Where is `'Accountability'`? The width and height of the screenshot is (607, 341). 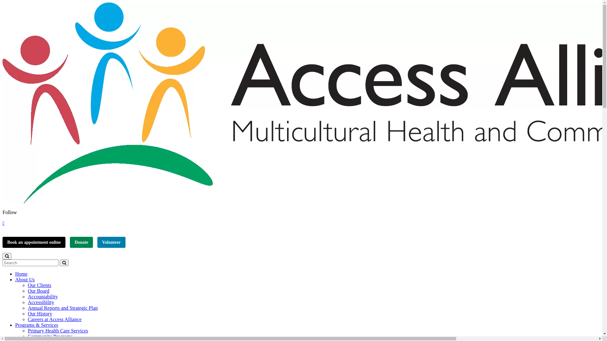
'Accountability' is located at coordinates (42, 296).